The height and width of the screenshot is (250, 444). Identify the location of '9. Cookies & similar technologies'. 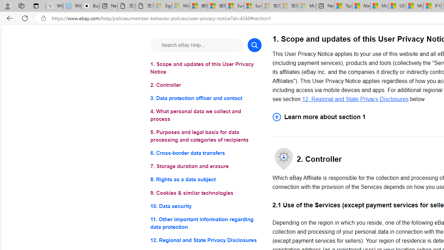
(205, 193).